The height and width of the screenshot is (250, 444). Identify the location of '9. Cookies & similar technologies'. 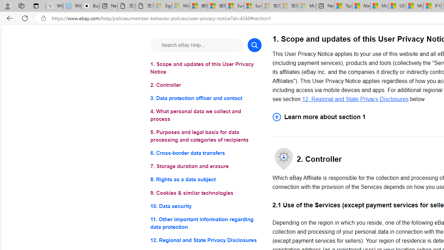
(205, 193).